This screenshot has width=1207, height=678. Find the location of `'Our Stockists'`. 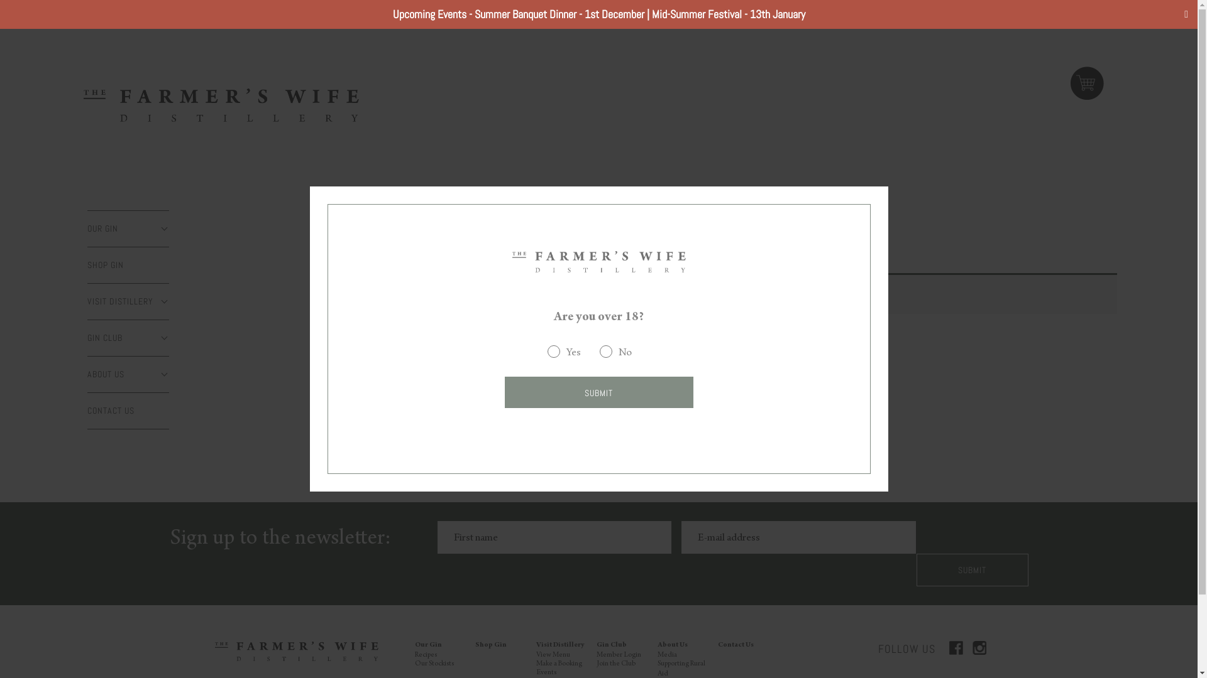

'Our Stockists' is located at coordinates (434, 663).